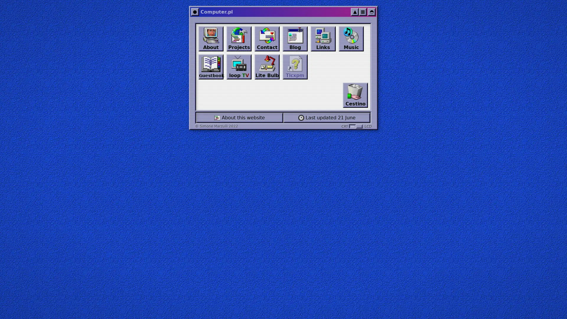 The width and height of the screenshot is (567, 319). What do you see at coordinates (267, 66) in the screenshot?
I see `Lite Bulb Lite Bulb` at bounding box center [267, 66].